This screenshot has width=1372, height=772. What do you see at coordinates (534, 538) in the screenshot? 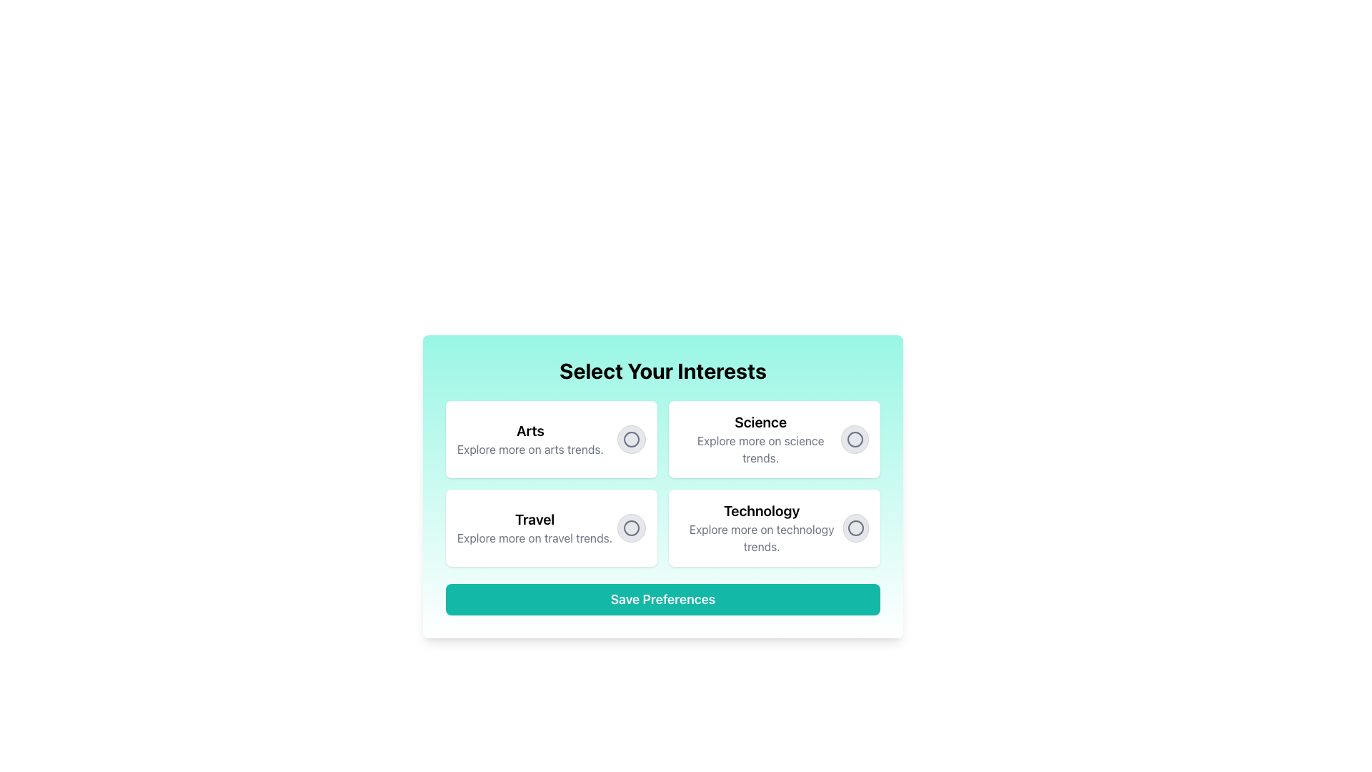
I see `the Text Label that provides descriptive content about the 'Travel' category, located below the 'Travel' heading in the bottom-left quadrant of the layout` at bounding box center [534, 538].